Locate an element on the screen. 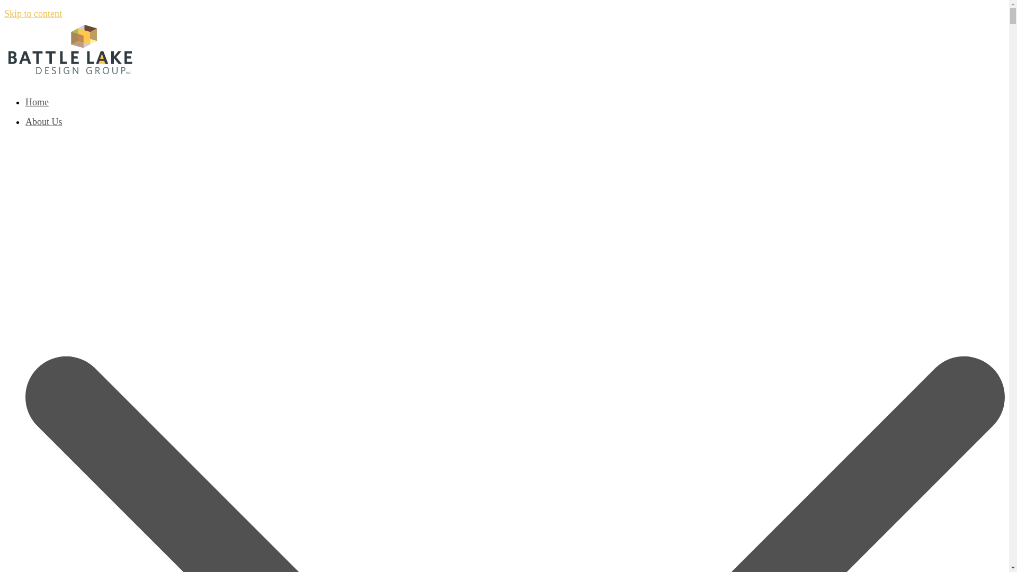  'Skip to content' is located at coordinates (4, 14).